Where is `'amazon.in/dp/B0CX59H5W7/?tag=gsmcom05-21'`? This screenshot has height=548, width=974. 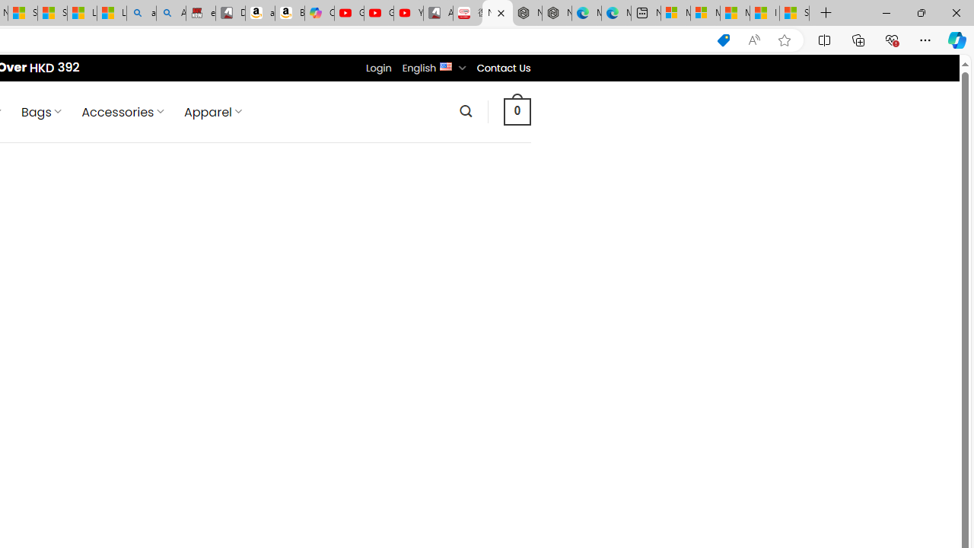
'amazon.in/dp/B0CX59H5W7/?tag=gsmcom05-21' is located at coordinates (259, 13).